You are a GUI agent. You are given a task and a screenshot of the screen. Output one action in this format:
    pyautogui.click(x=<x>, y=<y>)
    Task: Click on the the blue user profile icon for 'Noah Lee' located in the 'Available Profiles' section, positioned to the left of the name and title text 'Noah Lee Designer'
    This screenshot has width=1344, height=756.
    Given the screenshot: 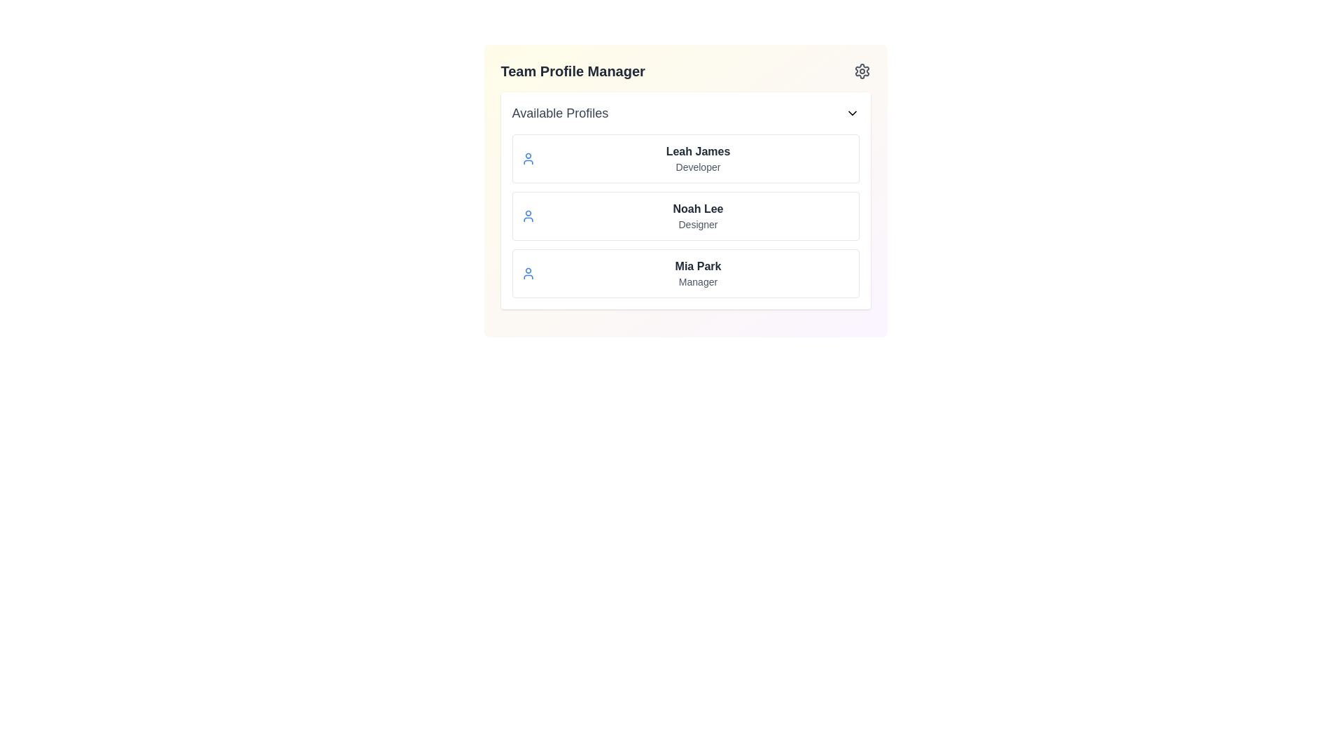 What is the action you would take?
    pyautogui.click(x=527, y=216)
    